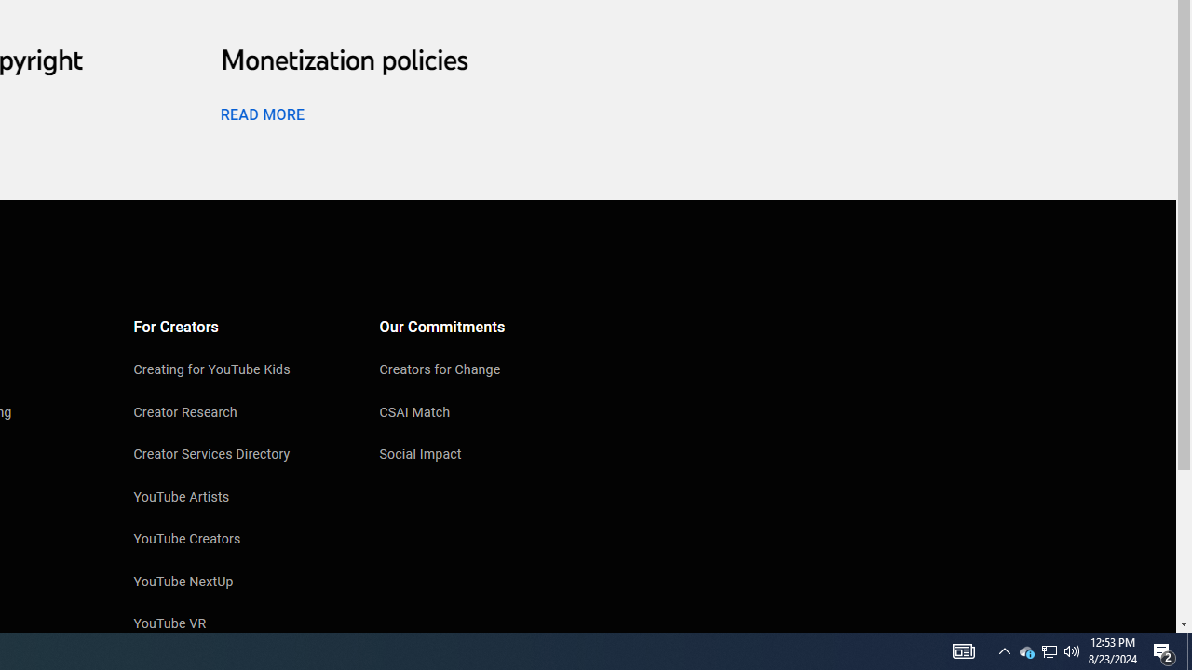 The width and height of the screenshot is (1192, 670). Describe the element at coordinates (261, 114) in the screenshot. I see `'READ MORE'` at that location.